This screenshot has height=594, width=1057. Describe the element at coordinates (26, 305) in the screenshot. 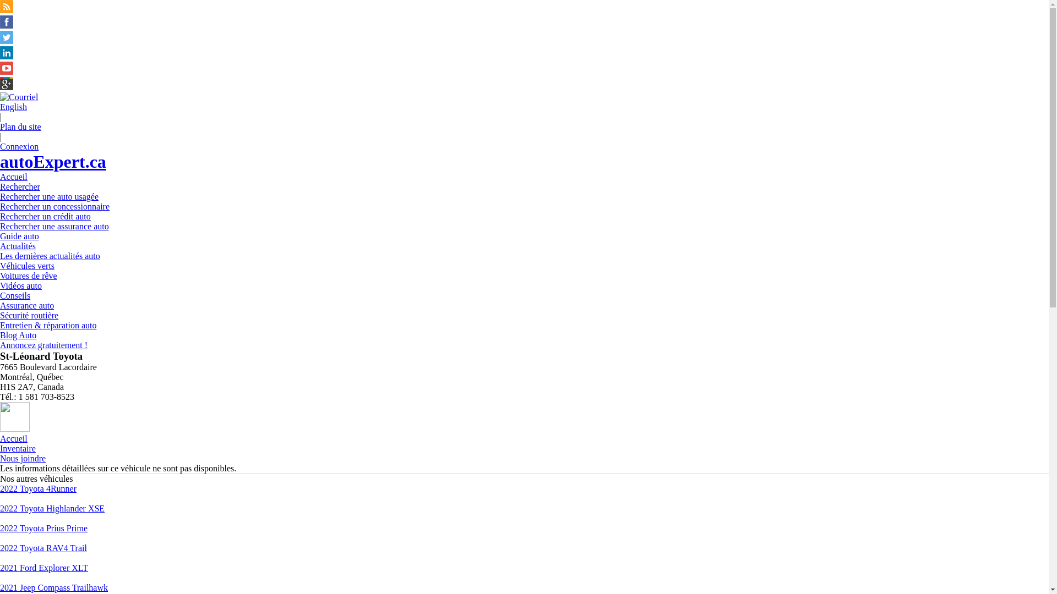

I see `'Assurance auto'` at that location.